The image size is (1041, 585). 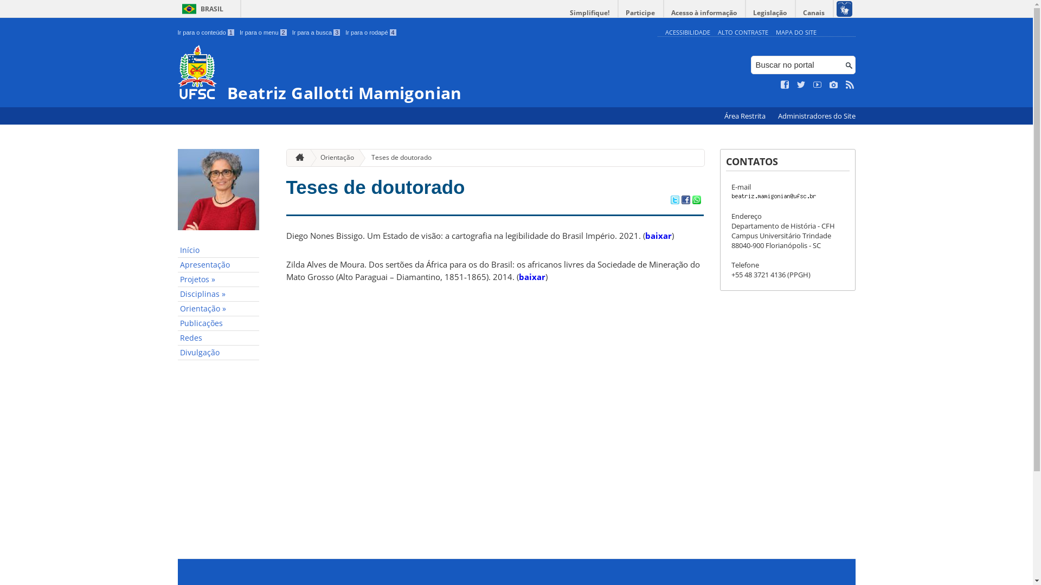 I want to click on 'Ir para o menu 2', so click(x=263, y=32).